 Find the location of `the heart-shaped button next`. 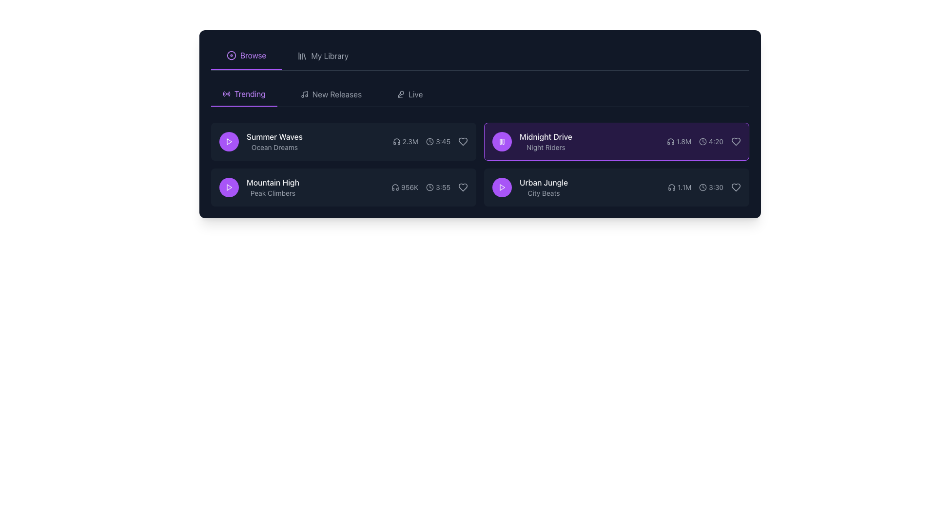

the heart-shaped button next is located at coordinates (463, 141).